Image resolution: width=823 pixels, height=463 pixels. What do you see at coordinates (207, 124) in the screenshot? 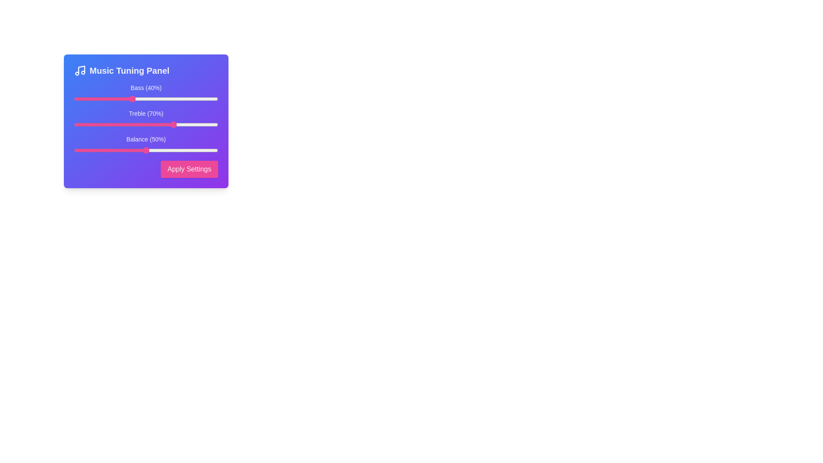
I see `the Treble slider to 92%` at bounding box center [207, 124].